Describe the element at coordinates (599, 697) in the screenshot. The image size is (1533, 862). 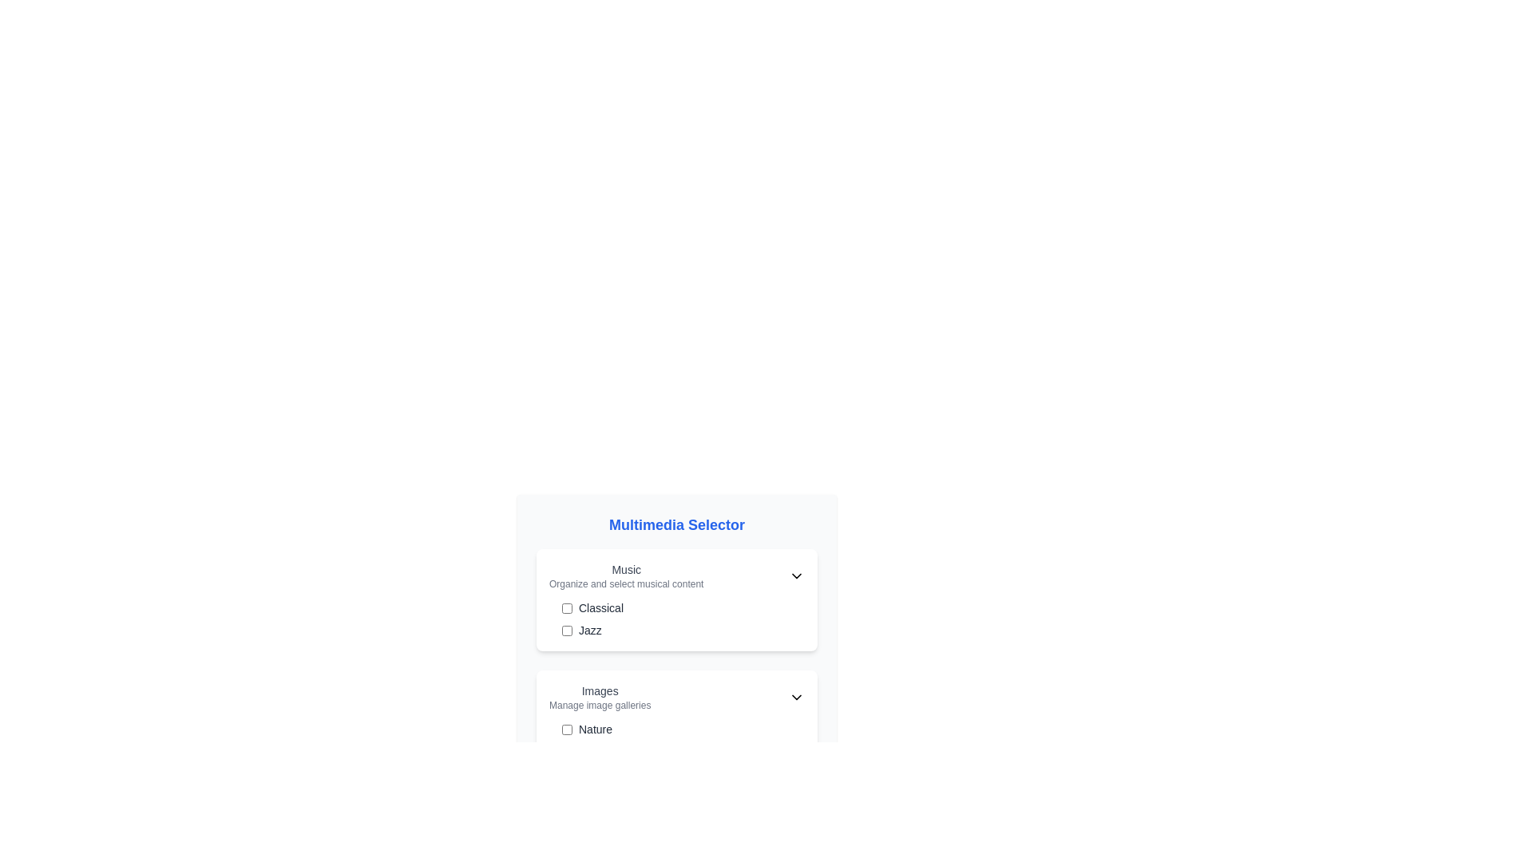
I see `the Text label that serves as a category/item description within the 'Multimedia Selector' section, located above the 'Nature' checkbox option` at that location.